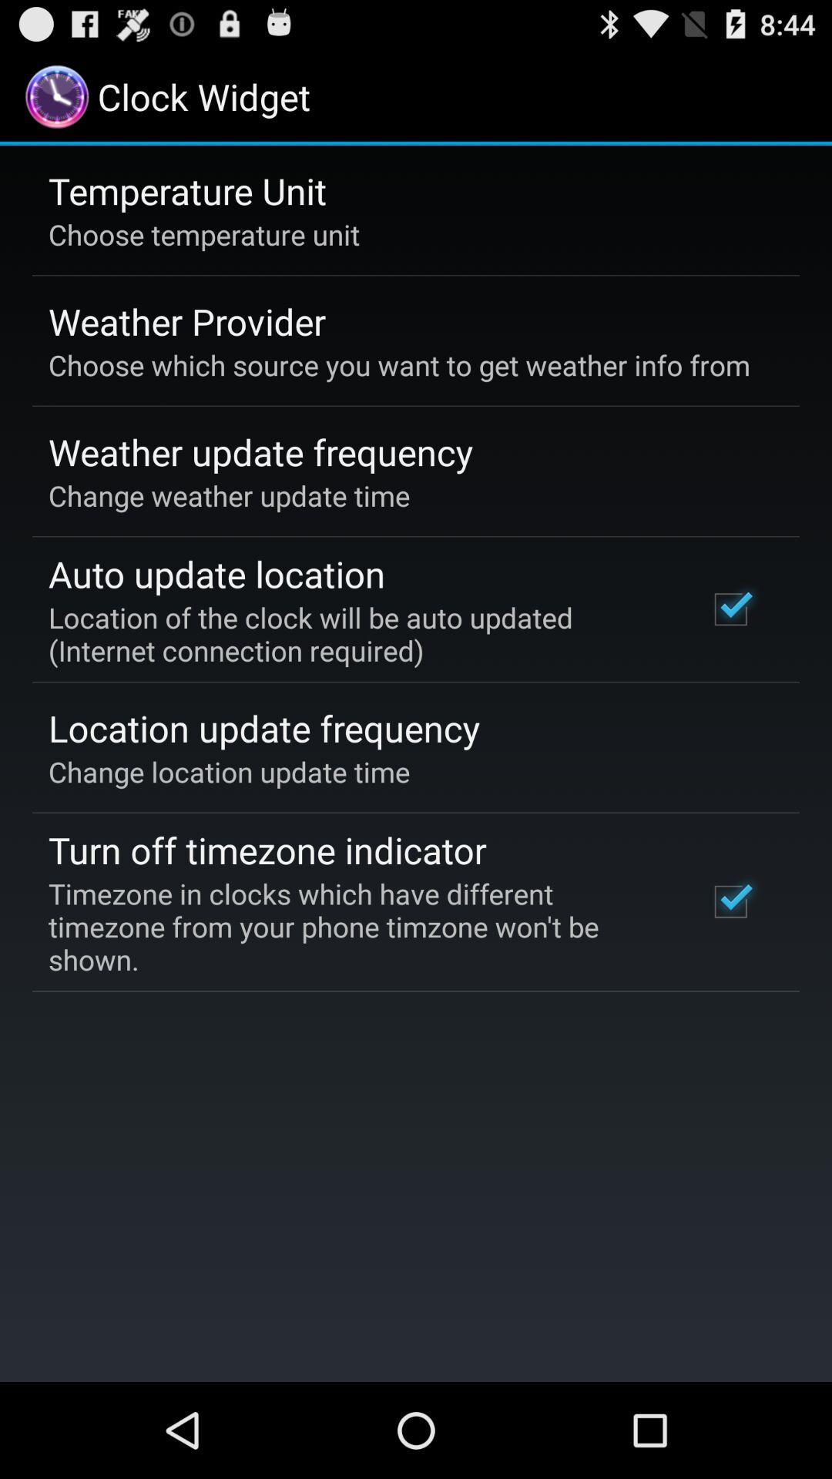 The image size is (832, 1479). I want to click on app below weather provider item, so click(398, 364).